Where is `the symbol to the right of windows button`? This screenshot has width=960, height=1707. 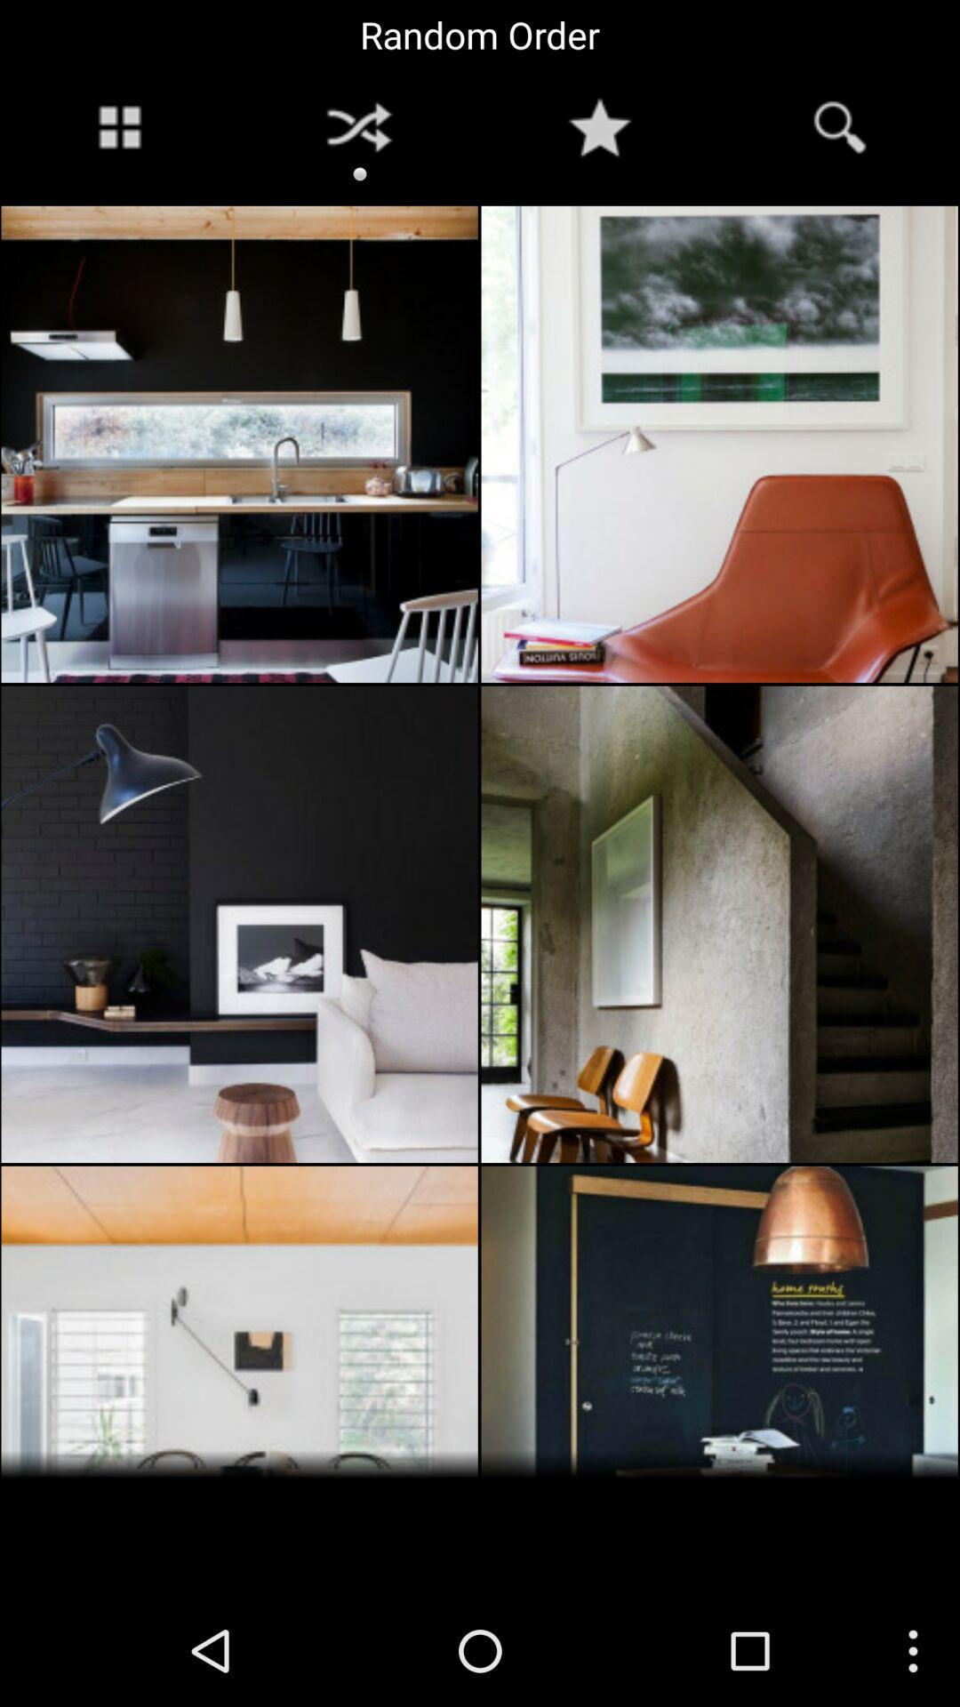
the symbol to the right of windows button is located at coordinates (360, 126).